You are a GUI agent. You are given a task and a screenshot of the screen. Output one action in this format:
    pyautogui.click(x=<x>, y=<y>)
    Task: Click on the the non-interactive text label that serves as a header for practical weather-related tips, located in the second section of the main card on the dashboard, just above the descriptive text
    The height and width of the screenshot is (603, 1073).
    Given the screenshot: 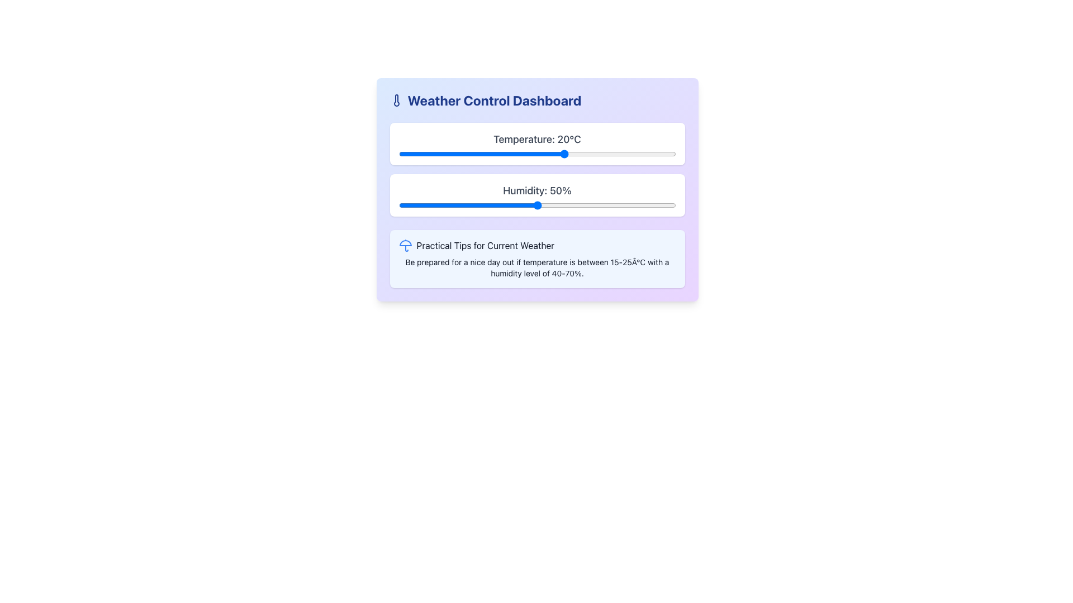 What is the action you would take?
    pyautogui.click(x=537, y=245)
    